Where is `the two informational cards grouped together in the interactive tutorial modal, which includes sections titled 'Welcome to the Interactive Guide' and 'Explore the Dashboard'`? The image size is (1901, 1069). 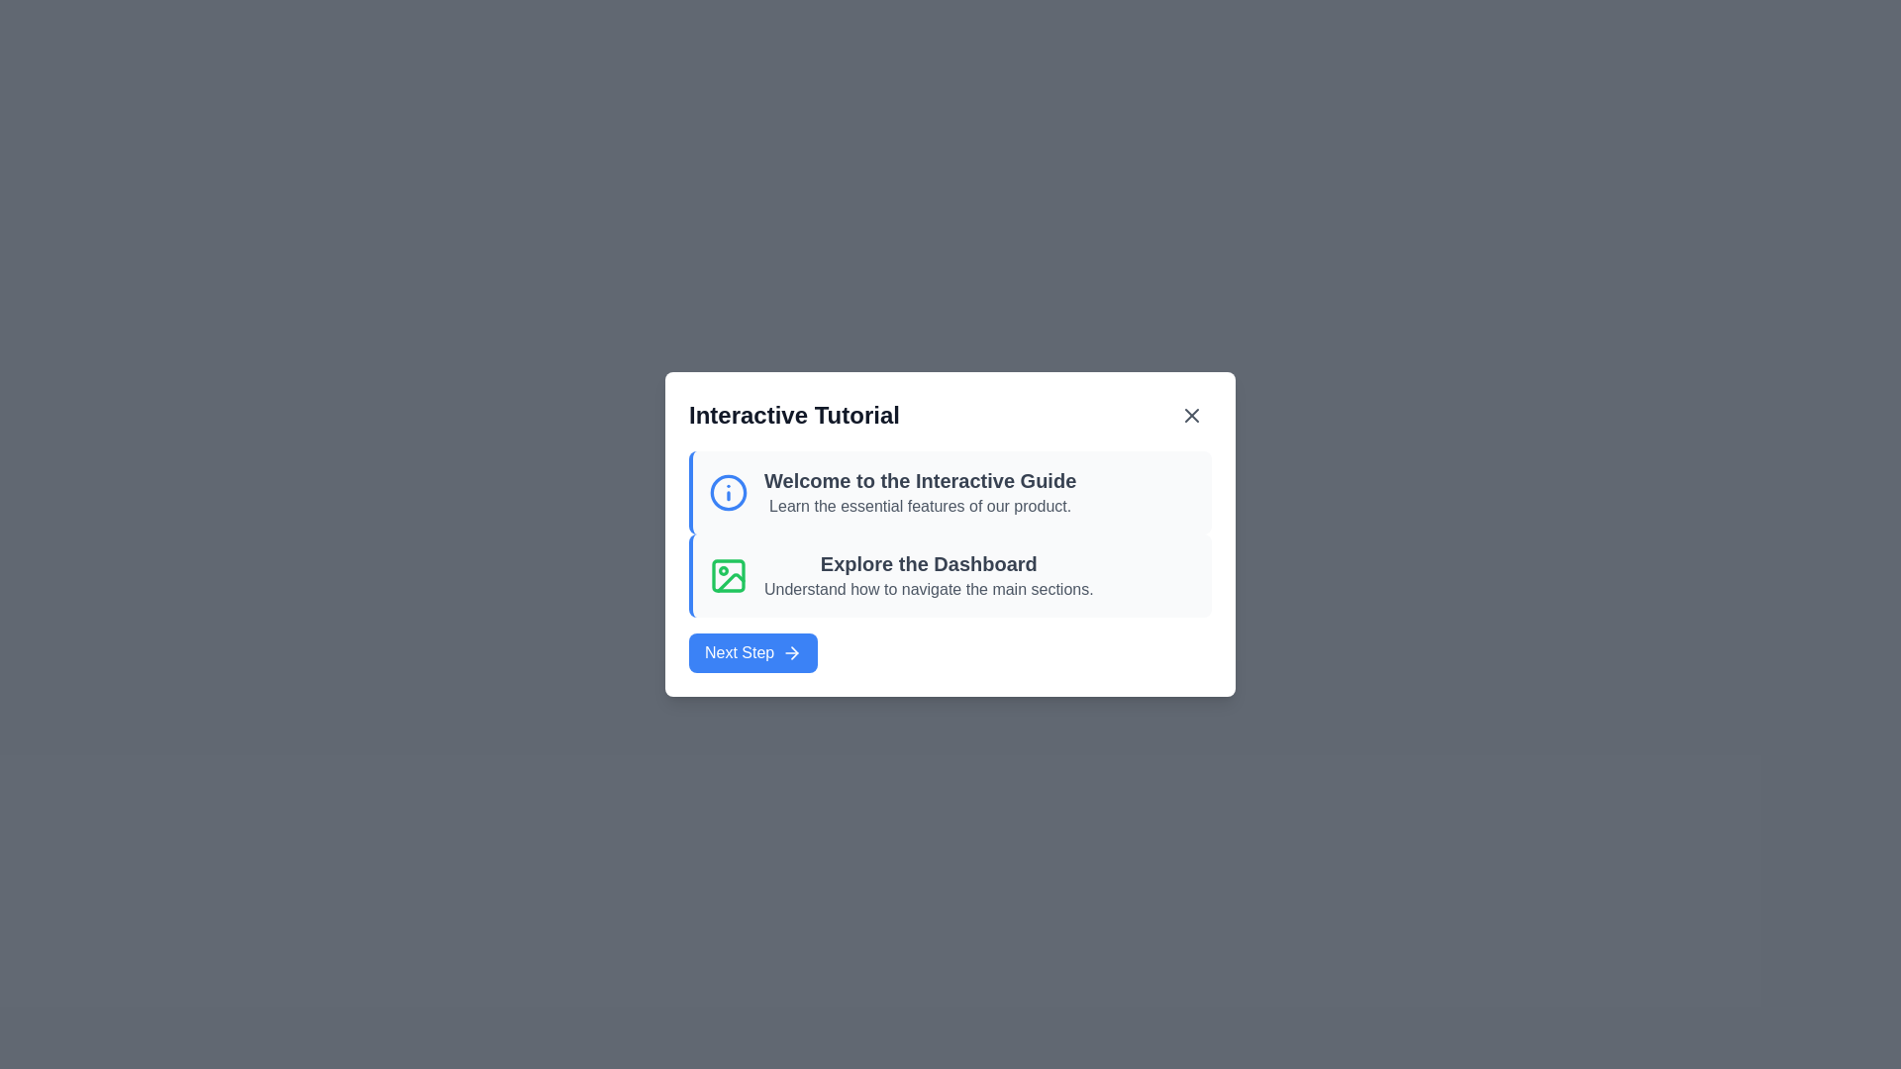
the two informational cards grouped together in the interactive tutorial modal, which includes sections titled 'Welcome to the Interactive Guide' and 'Explore the Dashboard' is located at coordinates (950, 534).